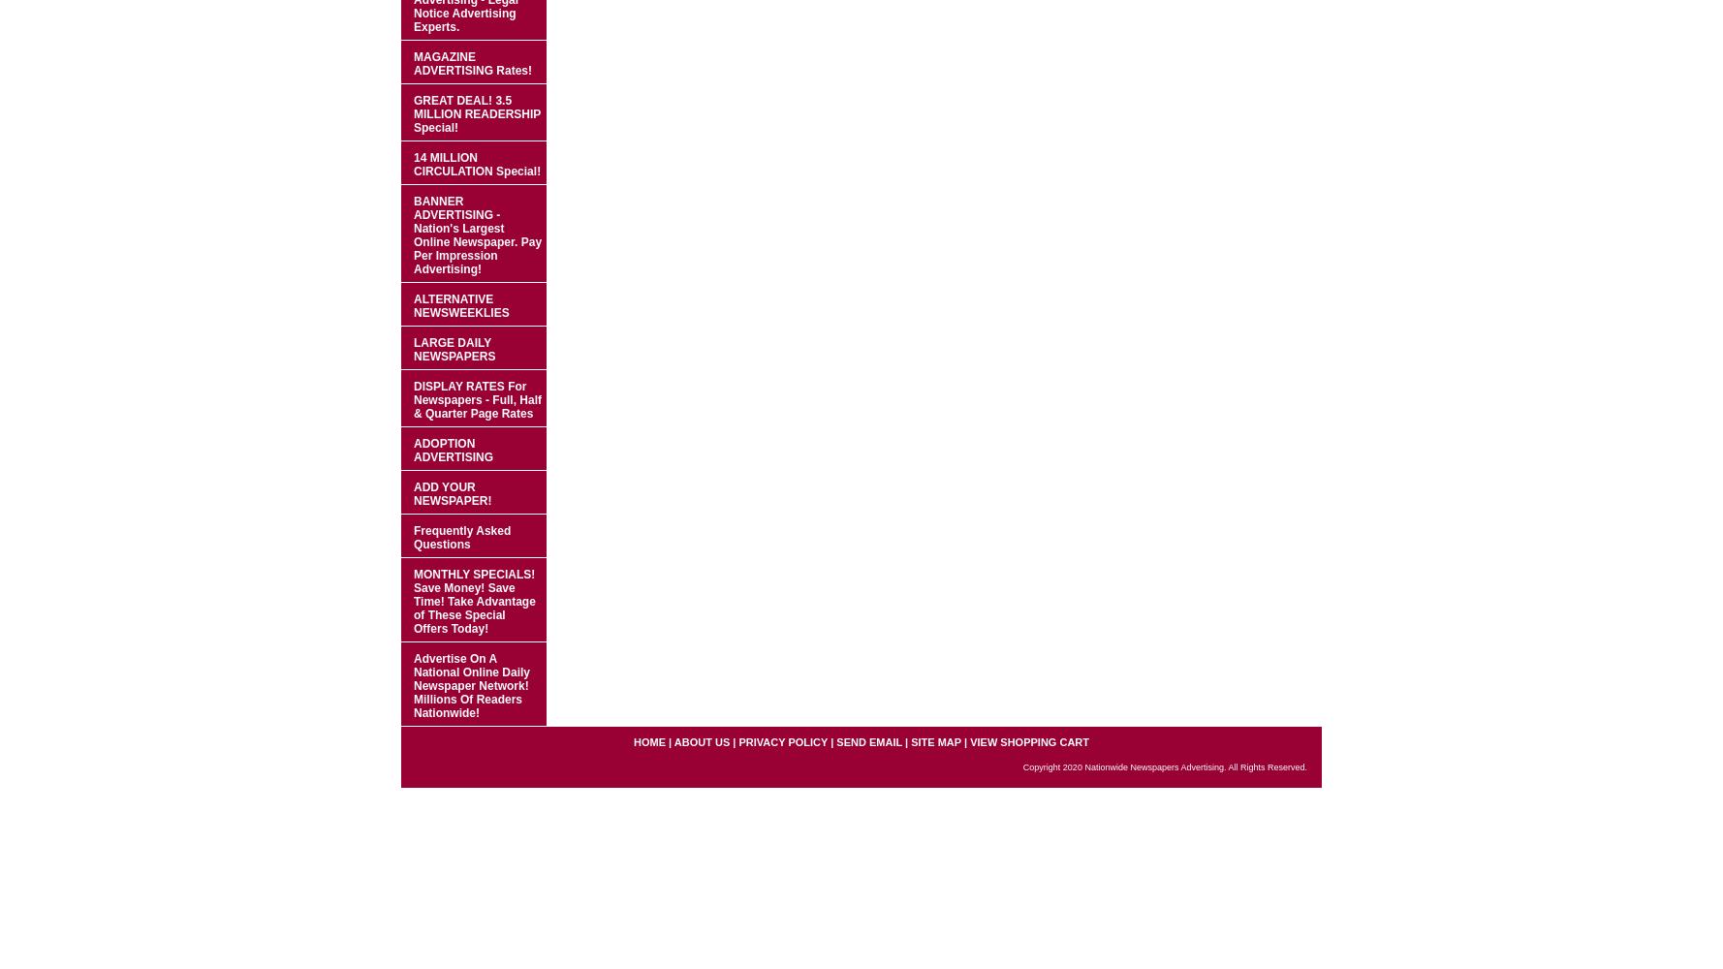 The image size is (1723, 969). I want to click on 'ABOUT US', so click(701, 742).